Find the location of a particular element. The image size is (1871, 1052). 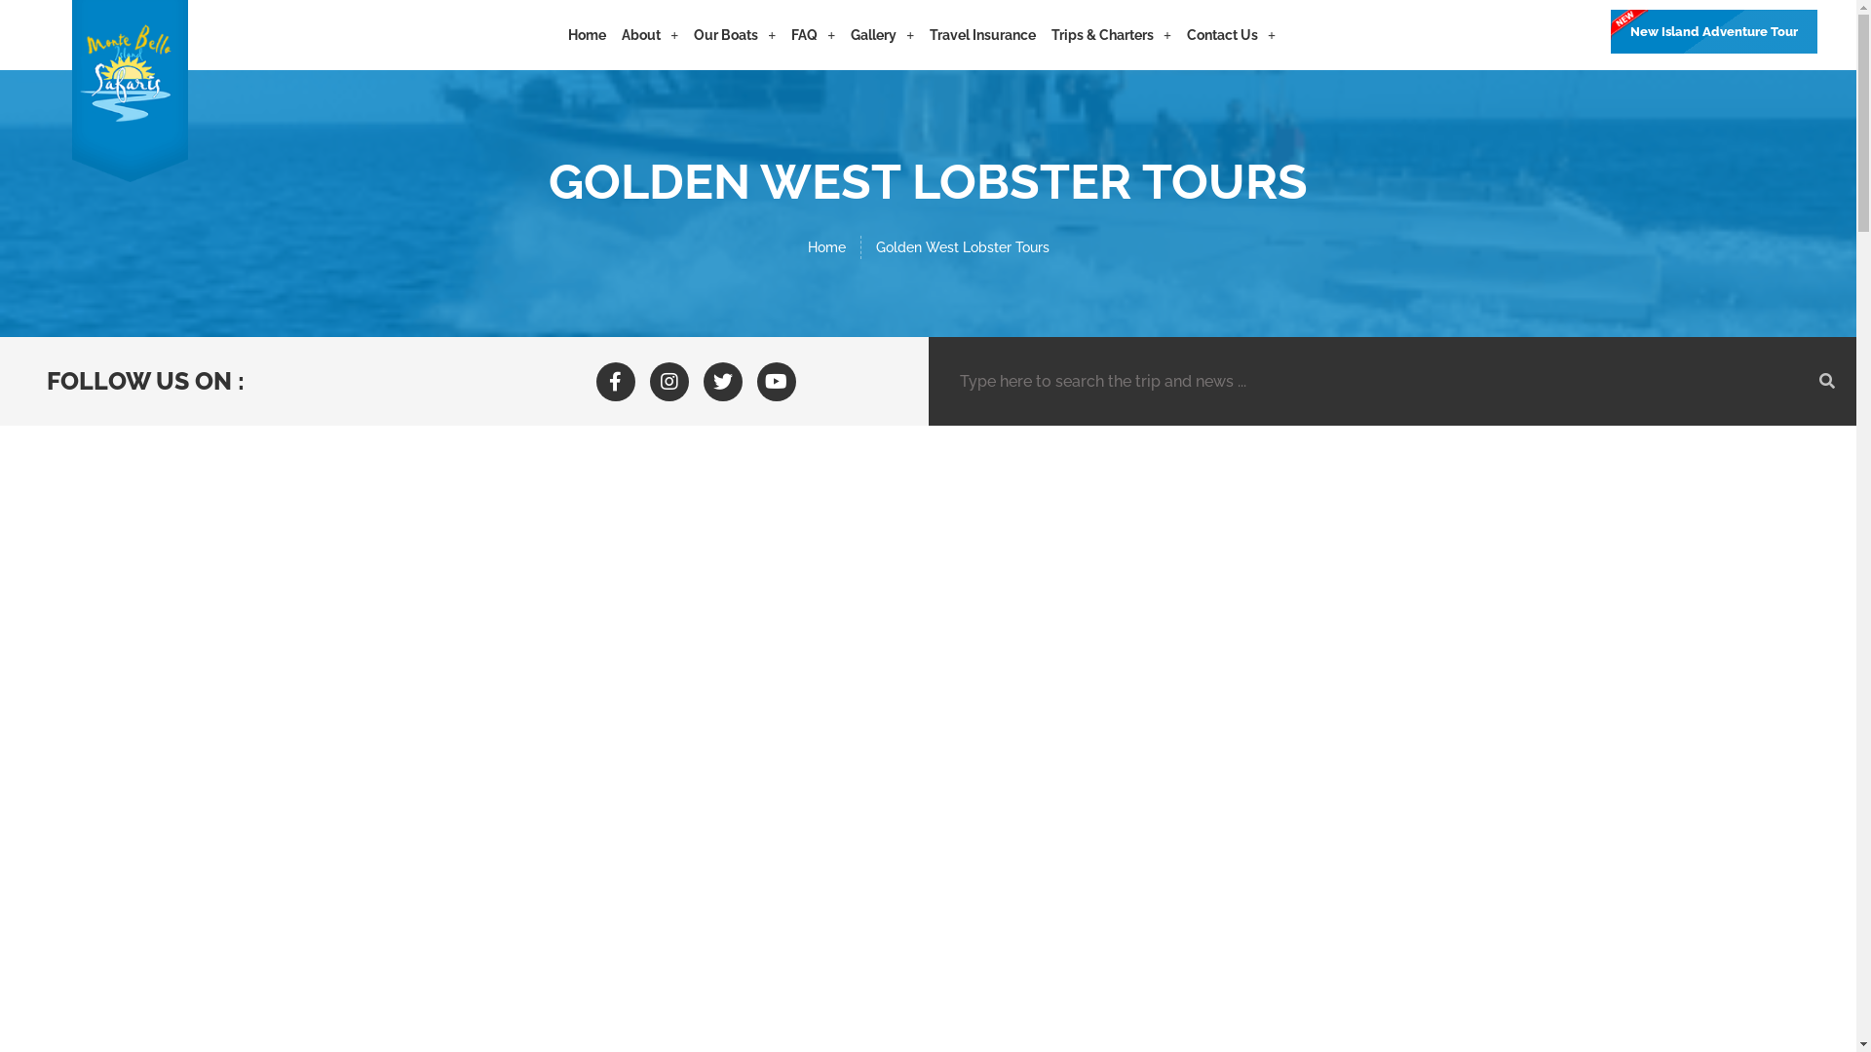

'FAQ' is located at coordinates (813, 34).